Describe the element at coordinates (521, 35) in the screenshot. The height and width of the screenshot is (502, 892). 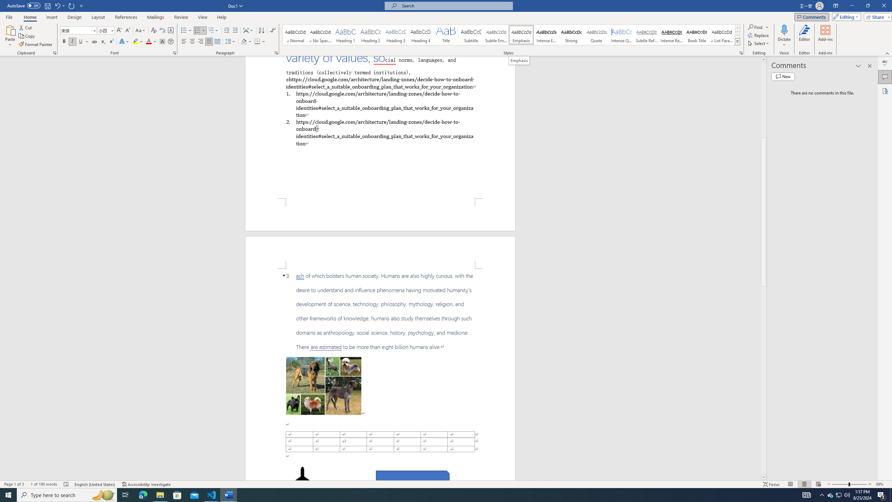
I see `'Emphasis'` at that location.